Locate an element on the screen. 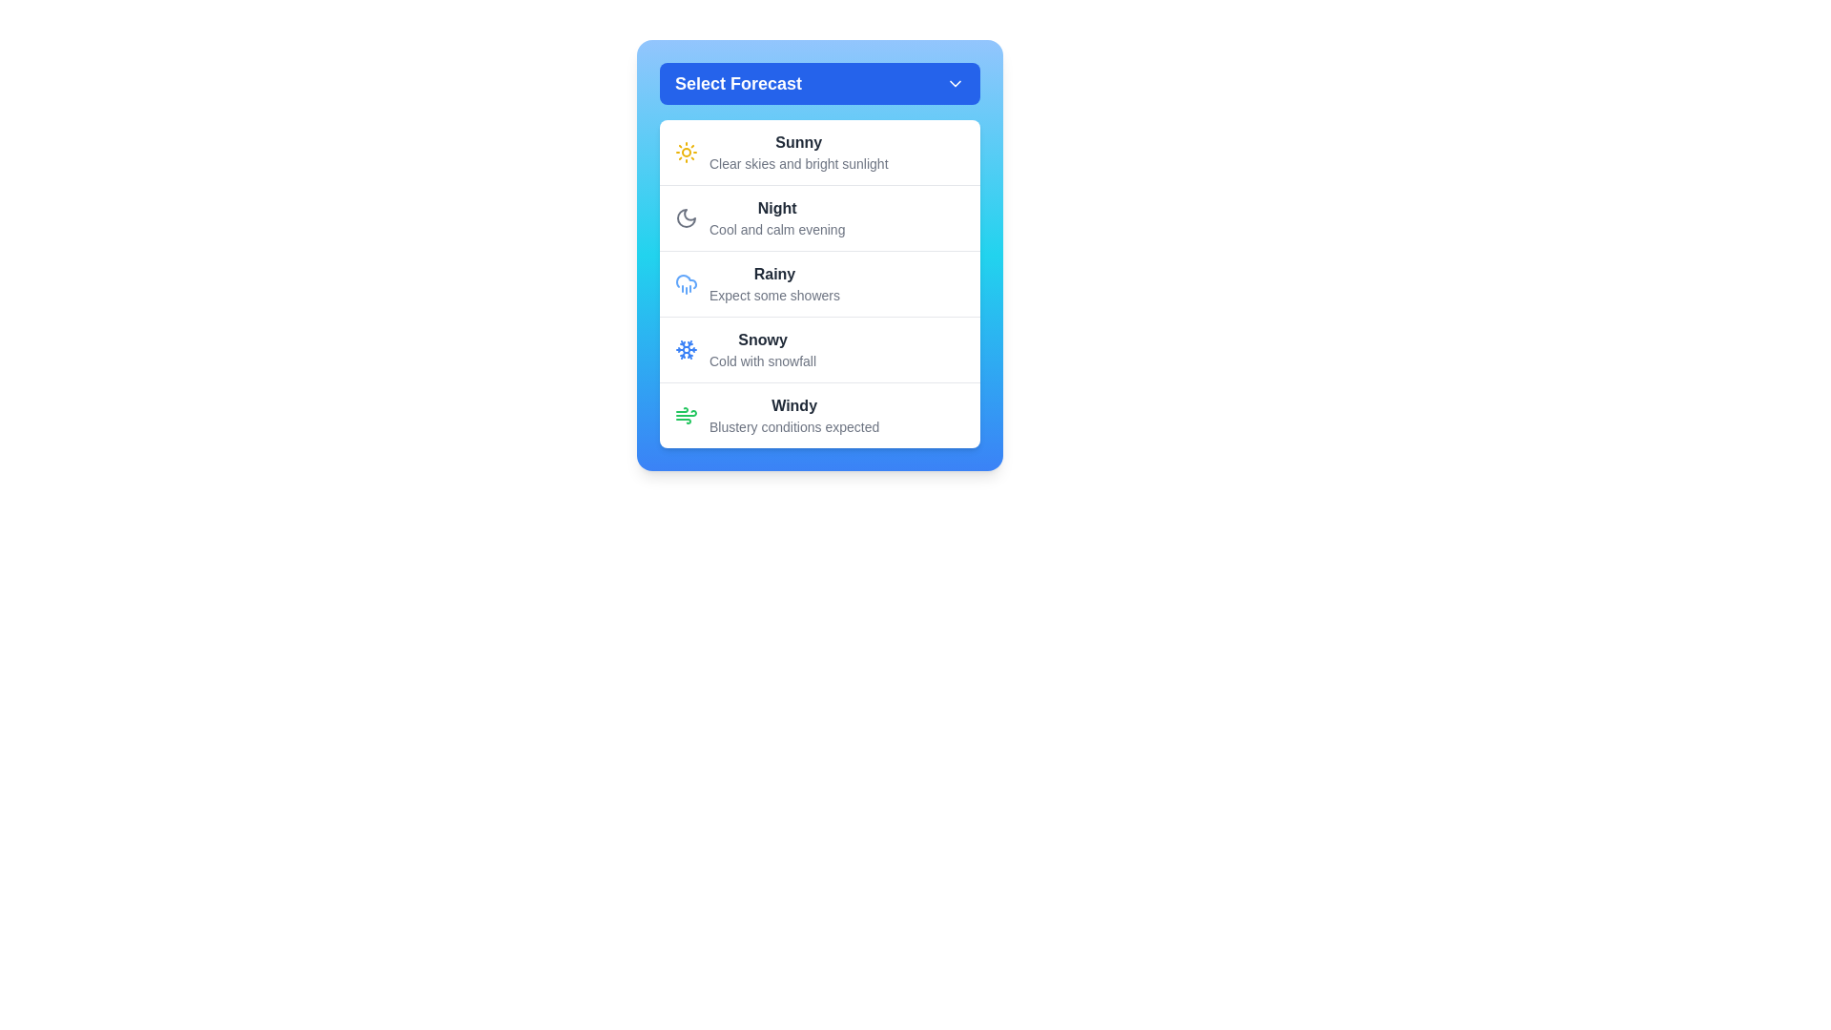  the third item in the dropdown menu under 'Select Forecast', which represents a weather condition is located at coordinates (819, 283).